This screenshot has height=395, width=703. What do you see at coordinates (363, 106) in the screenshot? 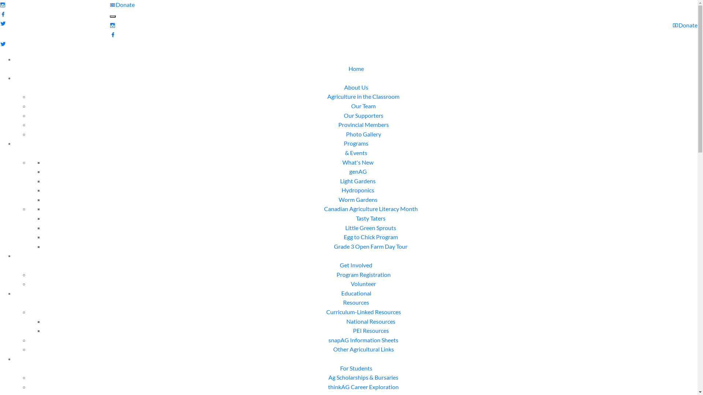
I see `'Our Team'` at bounding box center [363, 106].